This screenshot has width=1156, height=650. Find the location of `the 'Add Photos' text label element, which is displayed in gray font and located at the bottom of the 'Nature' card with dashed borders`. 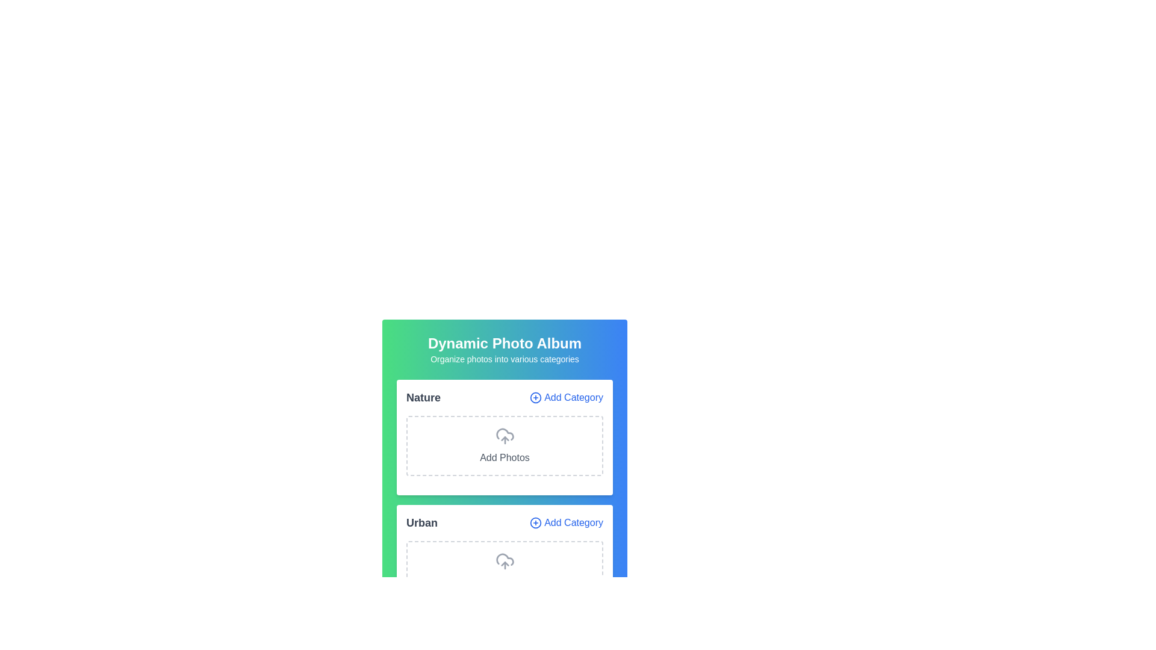

the 'Add Photos' text label element, which is displayed in gray font and located at the bottom of the 'Nature' card with dashed borders is located at coordinates (505, 457).